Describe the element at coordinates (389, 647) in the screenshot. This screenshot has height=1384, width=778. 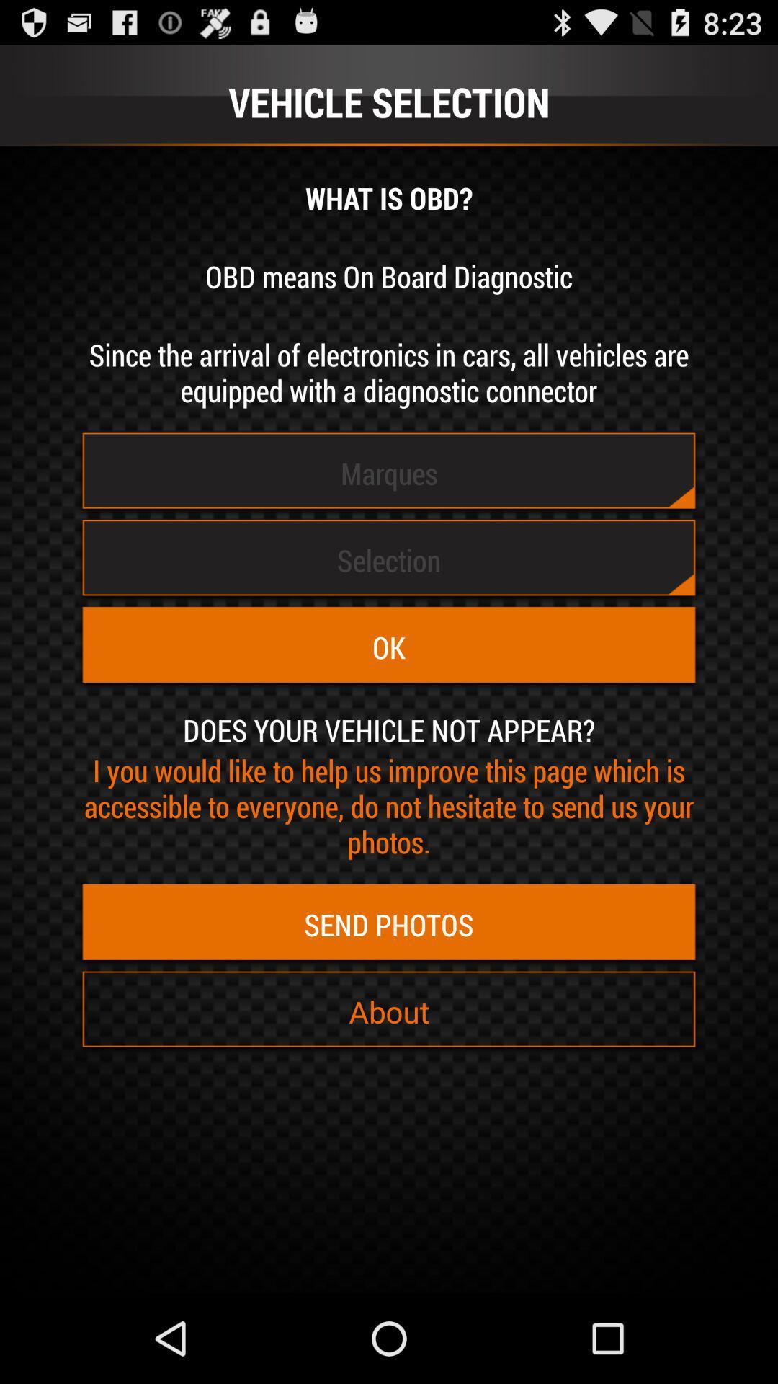
I see `the item below selection button` at that location.